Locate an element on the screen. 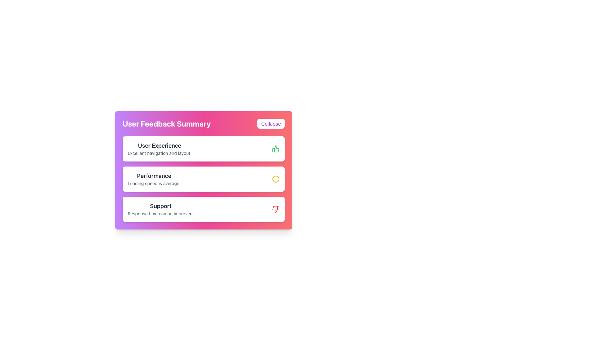  textual content related to the 'Support' category located in the third card of the 'User Feedback Summary' section, which summarizes comments about response times is located at coordinates (161, 209).